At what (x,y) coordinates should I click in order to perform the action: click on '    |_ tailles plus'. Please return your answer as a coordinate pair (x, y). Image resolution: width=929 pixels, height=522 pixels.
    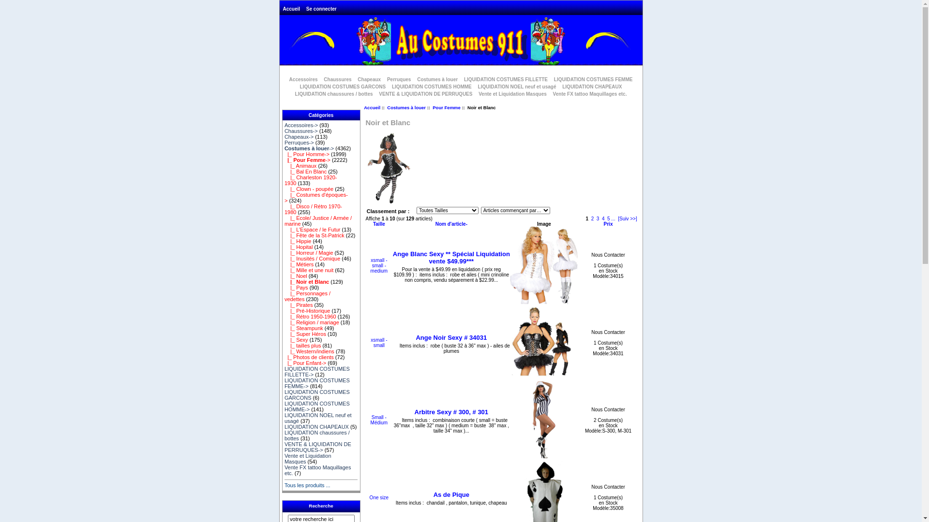
    Looking at the image, I should click on (302, 345).